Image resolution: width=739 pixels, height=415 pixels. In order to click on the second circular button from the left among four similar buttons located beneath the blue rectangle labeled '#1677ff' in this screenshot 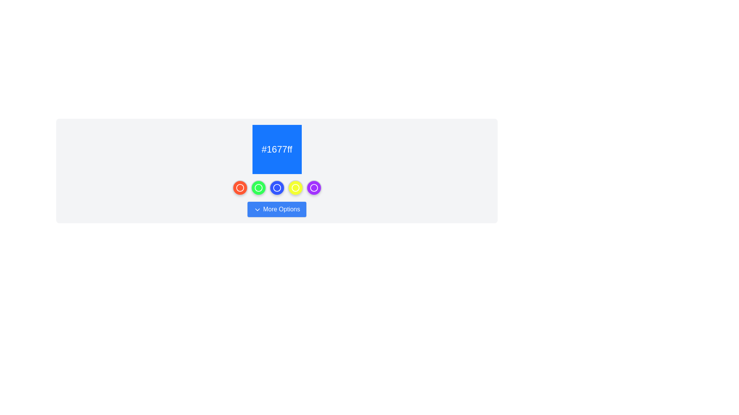, I will do `click(277, 188)`.